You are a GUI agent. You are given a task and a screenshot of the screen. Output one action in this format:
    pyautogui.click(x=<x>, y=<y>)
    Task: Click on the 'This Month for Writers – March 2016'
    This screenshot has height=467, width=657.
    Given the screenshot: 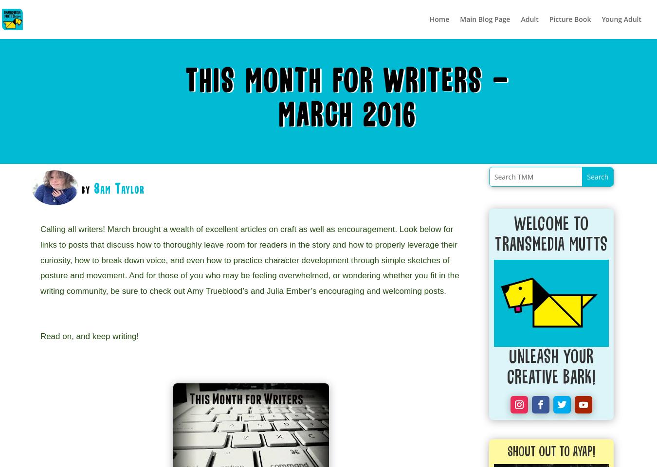 What is the action you would take?
    pyautogui.click(x=186, y=99)
    